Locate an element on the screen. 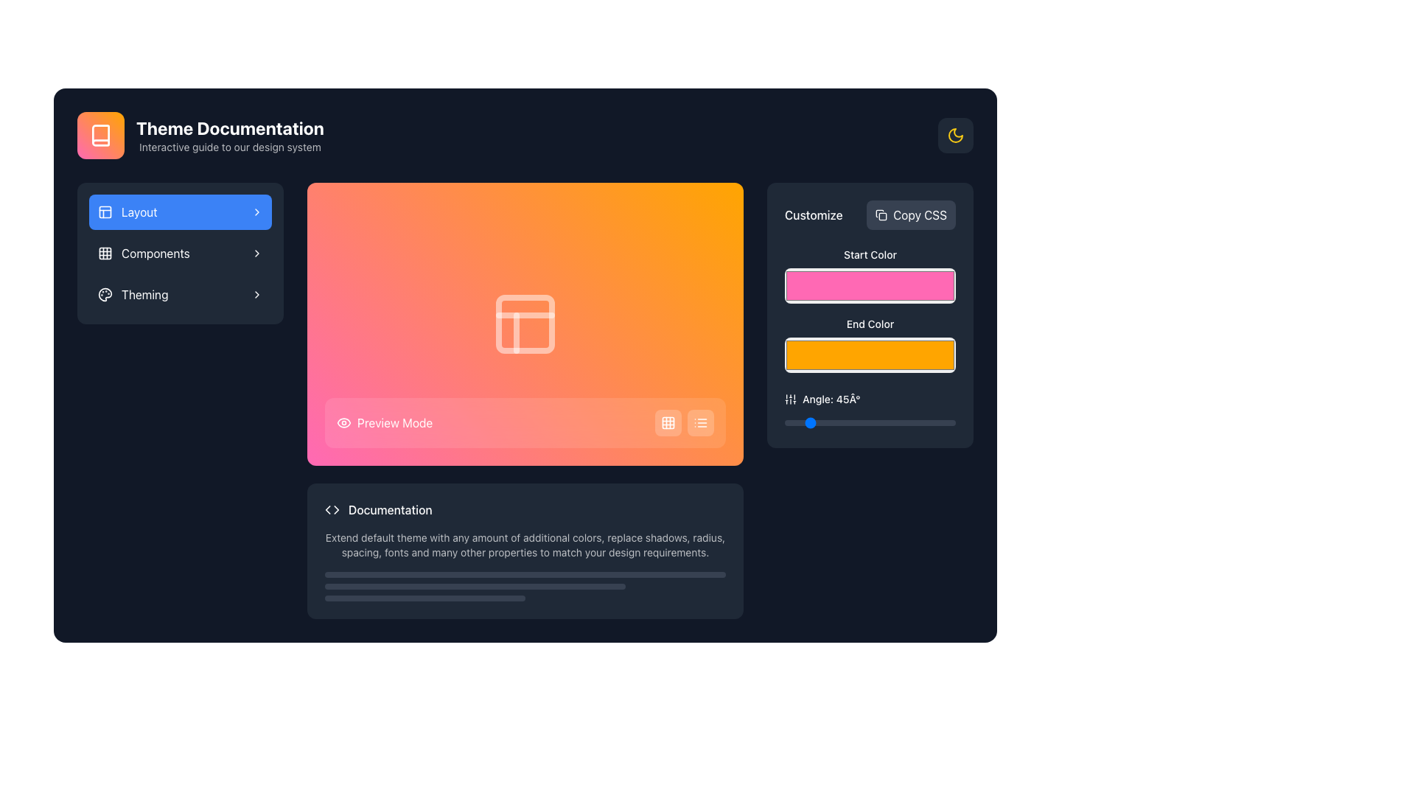 This screenshot has height=796, width=1415. the Text Label positioned within the button group on the top-right section of the interface, which enhances user readability and interaction clarity is located at coordinates (919, 215).